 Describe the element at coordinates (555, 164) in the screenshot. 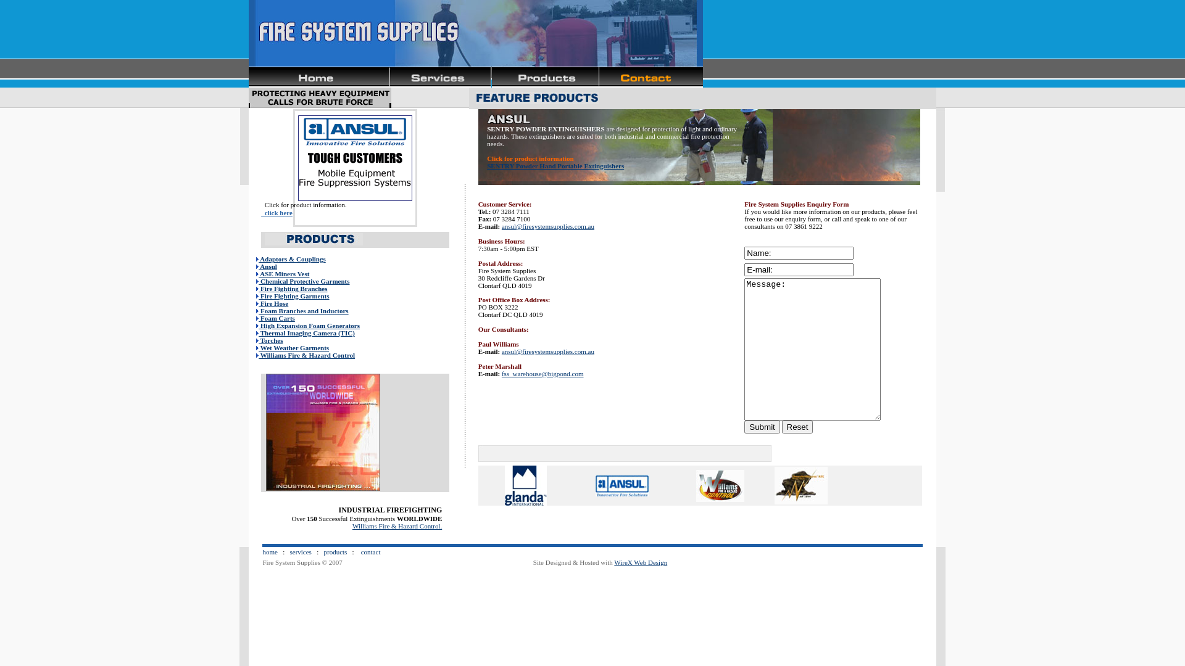

I see `'SENTRY Powder Hand Portable Extinguishers'` at that location.